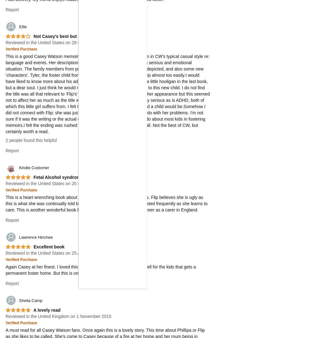 This screenshot has width=313, height=338. Describe the element at coordinates (51, 252) in the screenshot. I see `'Reviewed in the United States on 25 April 2022'` at that location.